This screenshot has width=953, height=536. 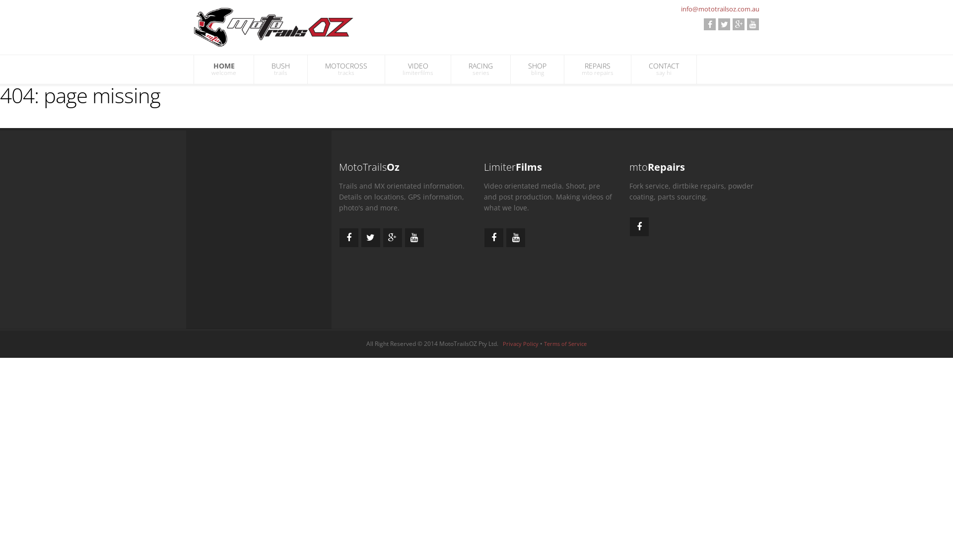 What do you see at coordinates (417, 68) in the screenshot?
I see `'VIDEO` at bounding box center [417, 68].